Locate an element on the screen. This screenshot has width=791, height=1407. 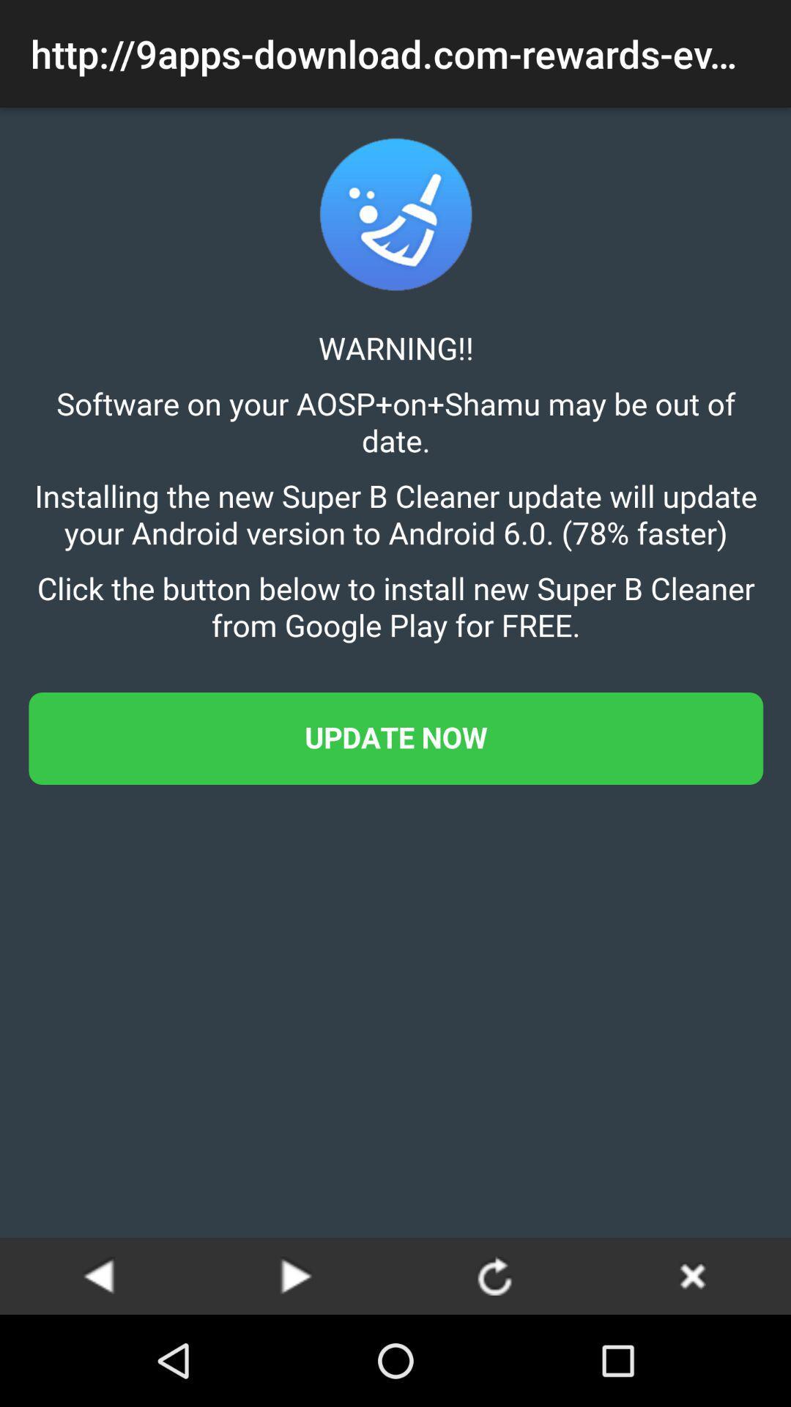
previous is located at coordinates (99, 1275).